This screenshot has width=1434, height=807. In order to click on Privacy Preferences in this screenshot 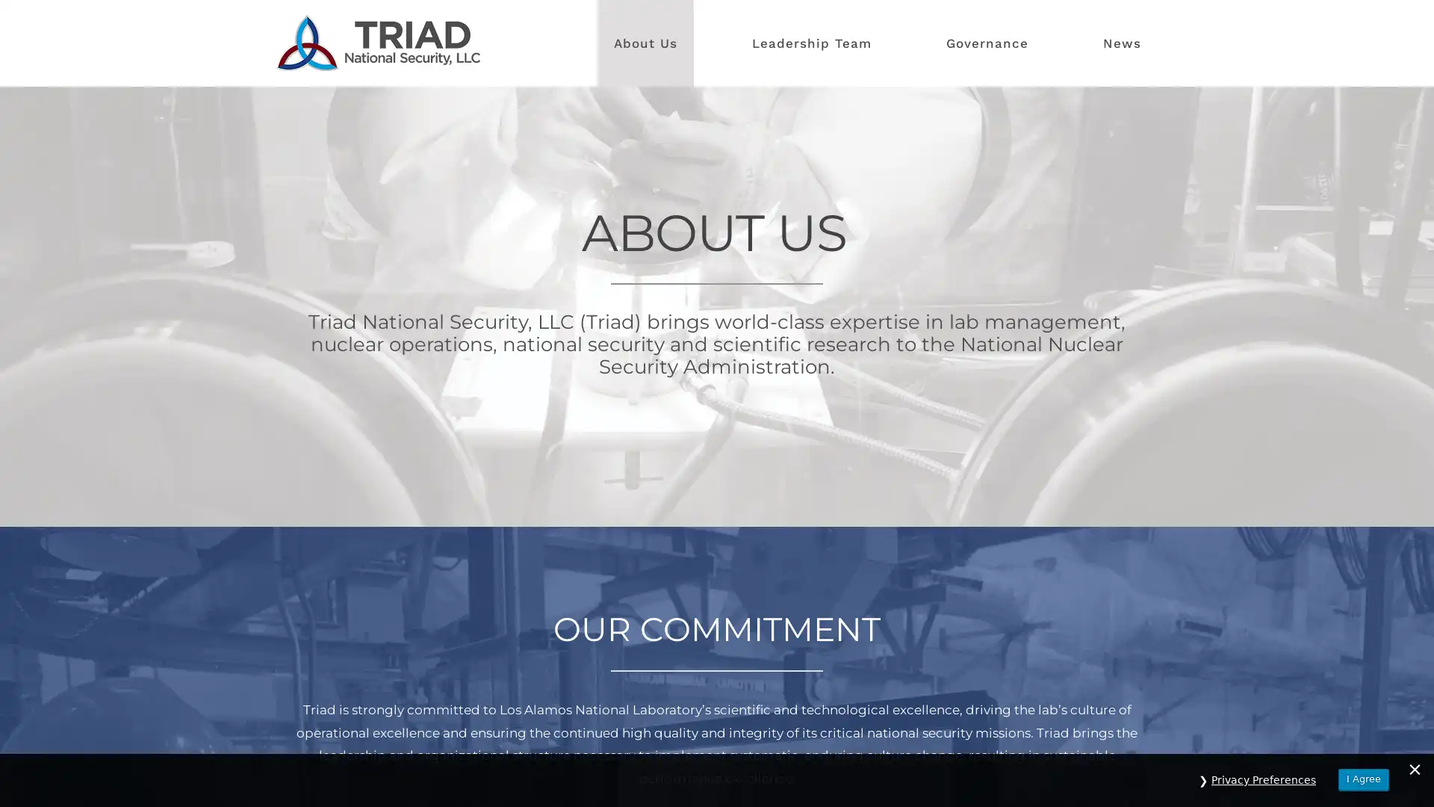, I will do `click(1263, 779)`.